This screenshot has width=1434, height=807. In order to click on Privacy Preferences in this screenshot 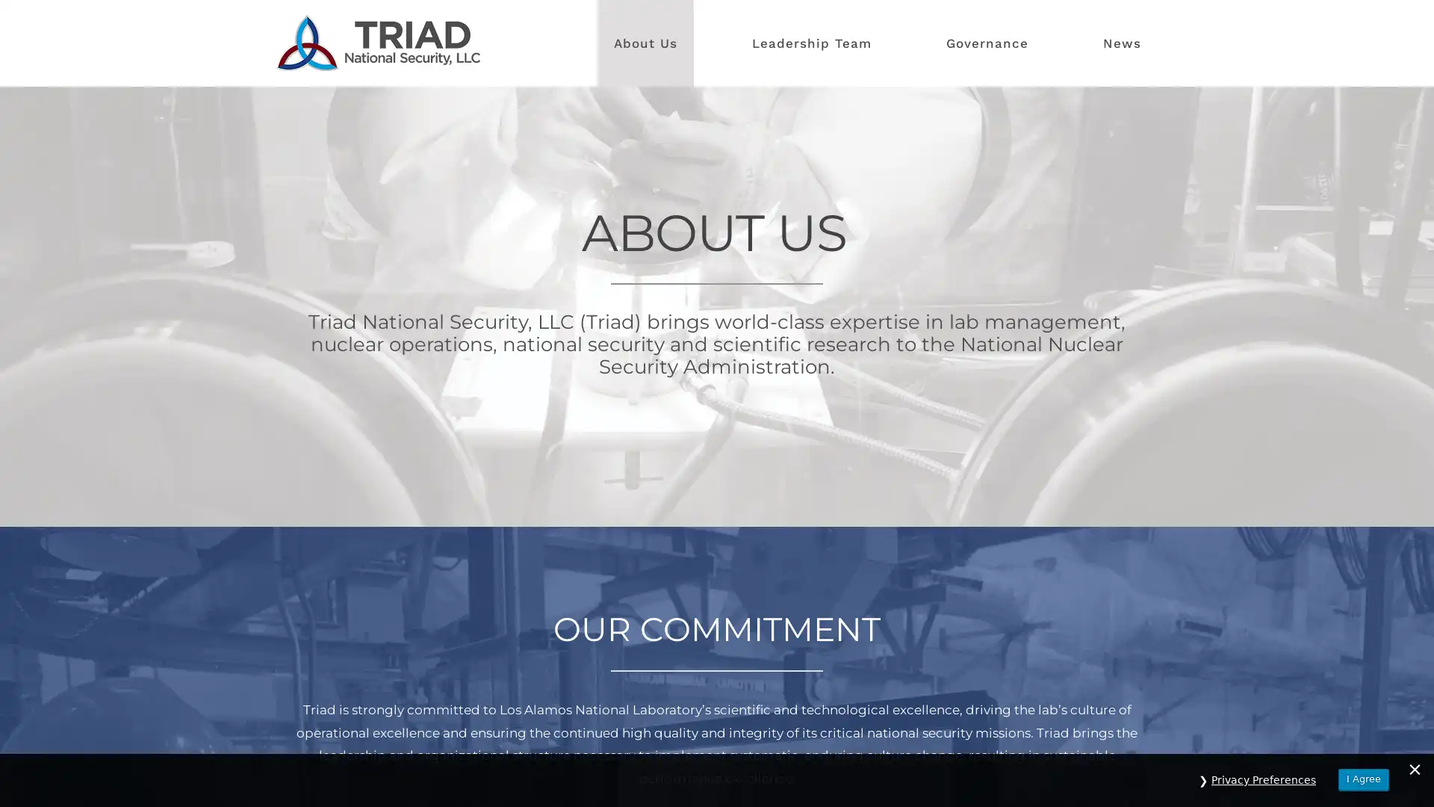, I will do `click(1263, 779)`.